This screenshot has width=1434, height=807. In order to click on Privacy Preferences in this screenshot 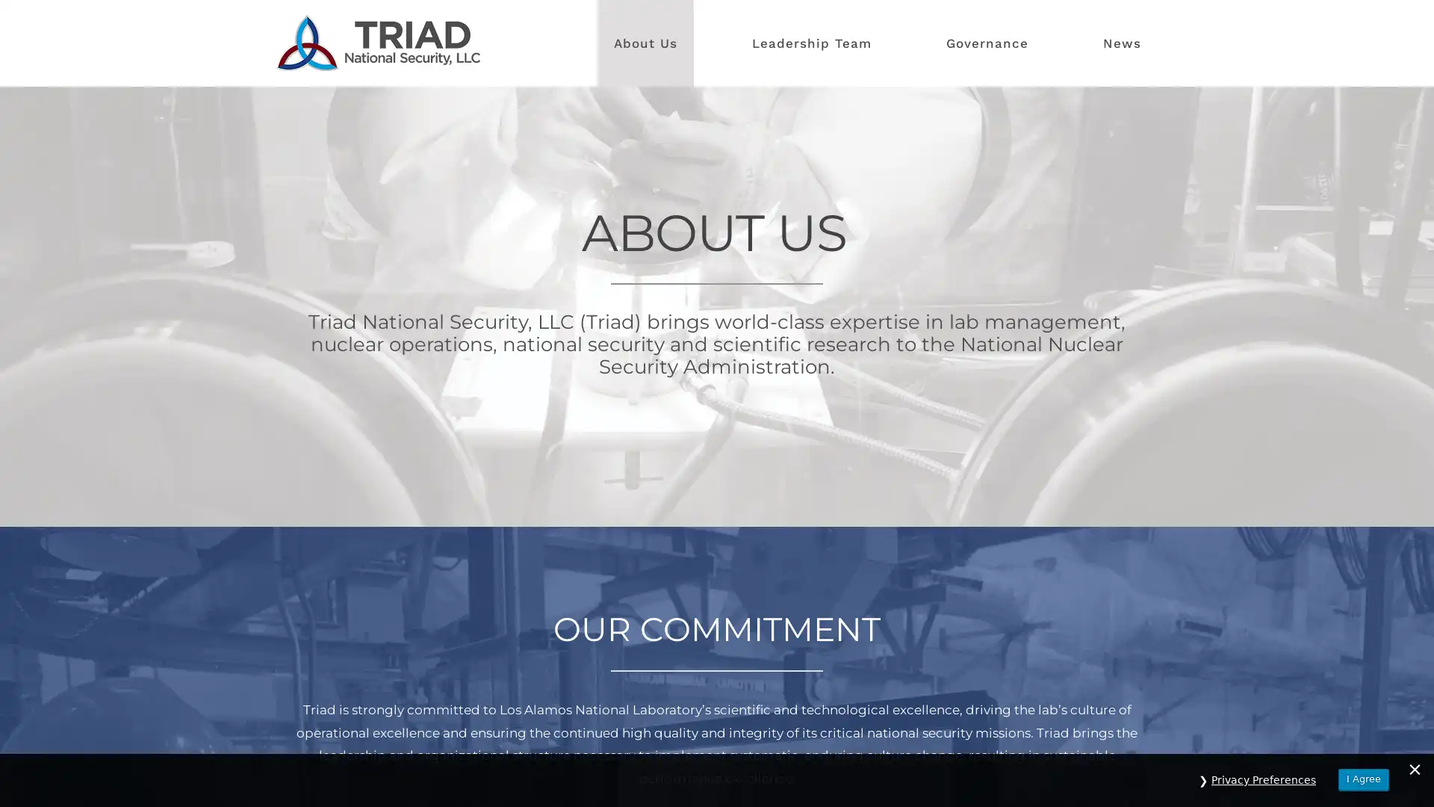, I will do `click(1263, 779)`.